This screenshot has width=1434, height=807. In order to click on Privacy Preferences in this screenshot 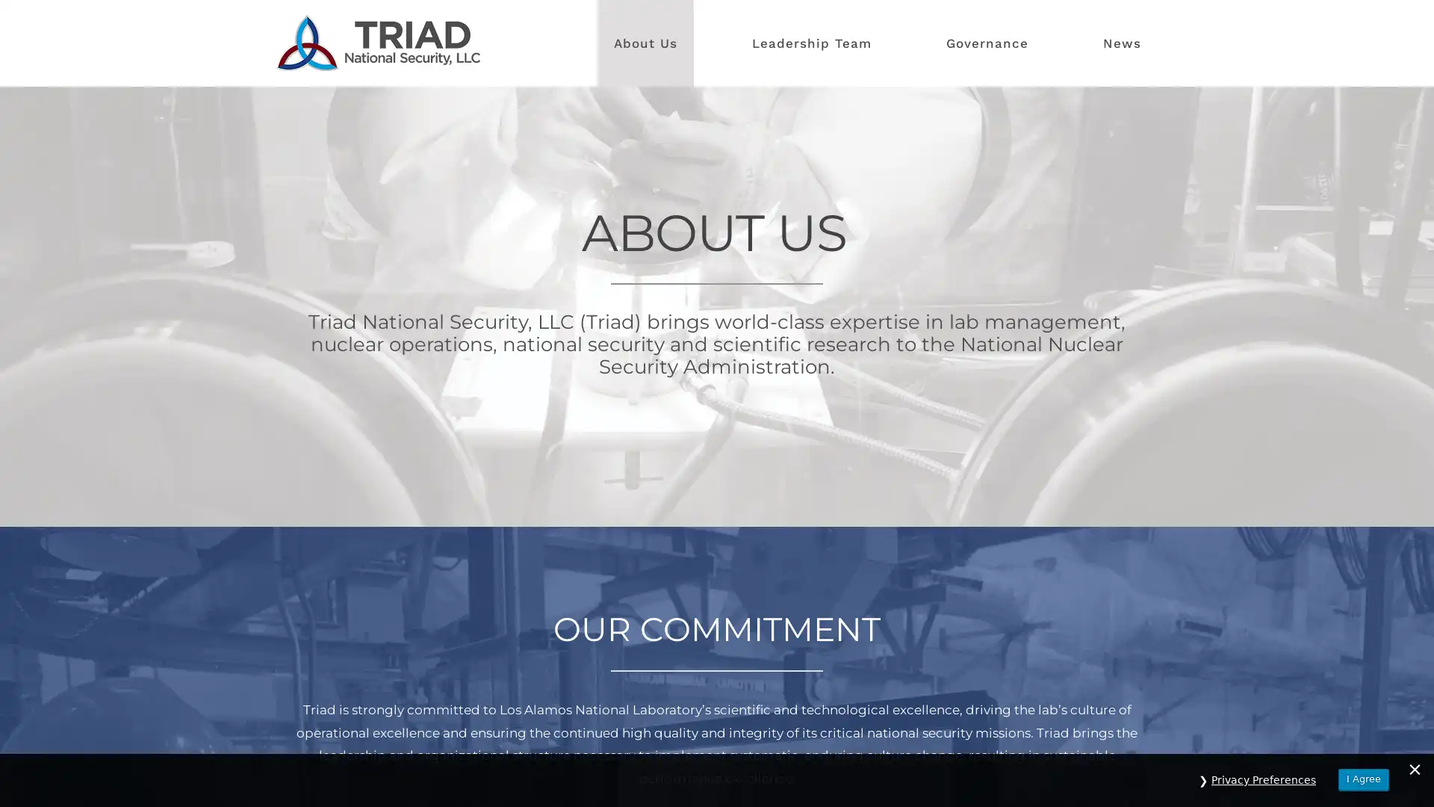, I will do `click(1263, 779)`.